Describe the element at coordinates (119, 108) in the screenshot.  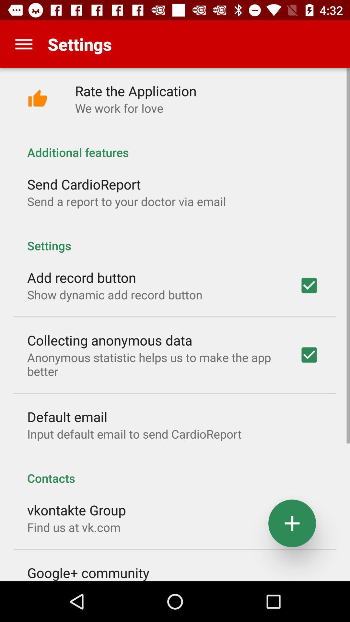
I see `icon above additional features app` at that location.